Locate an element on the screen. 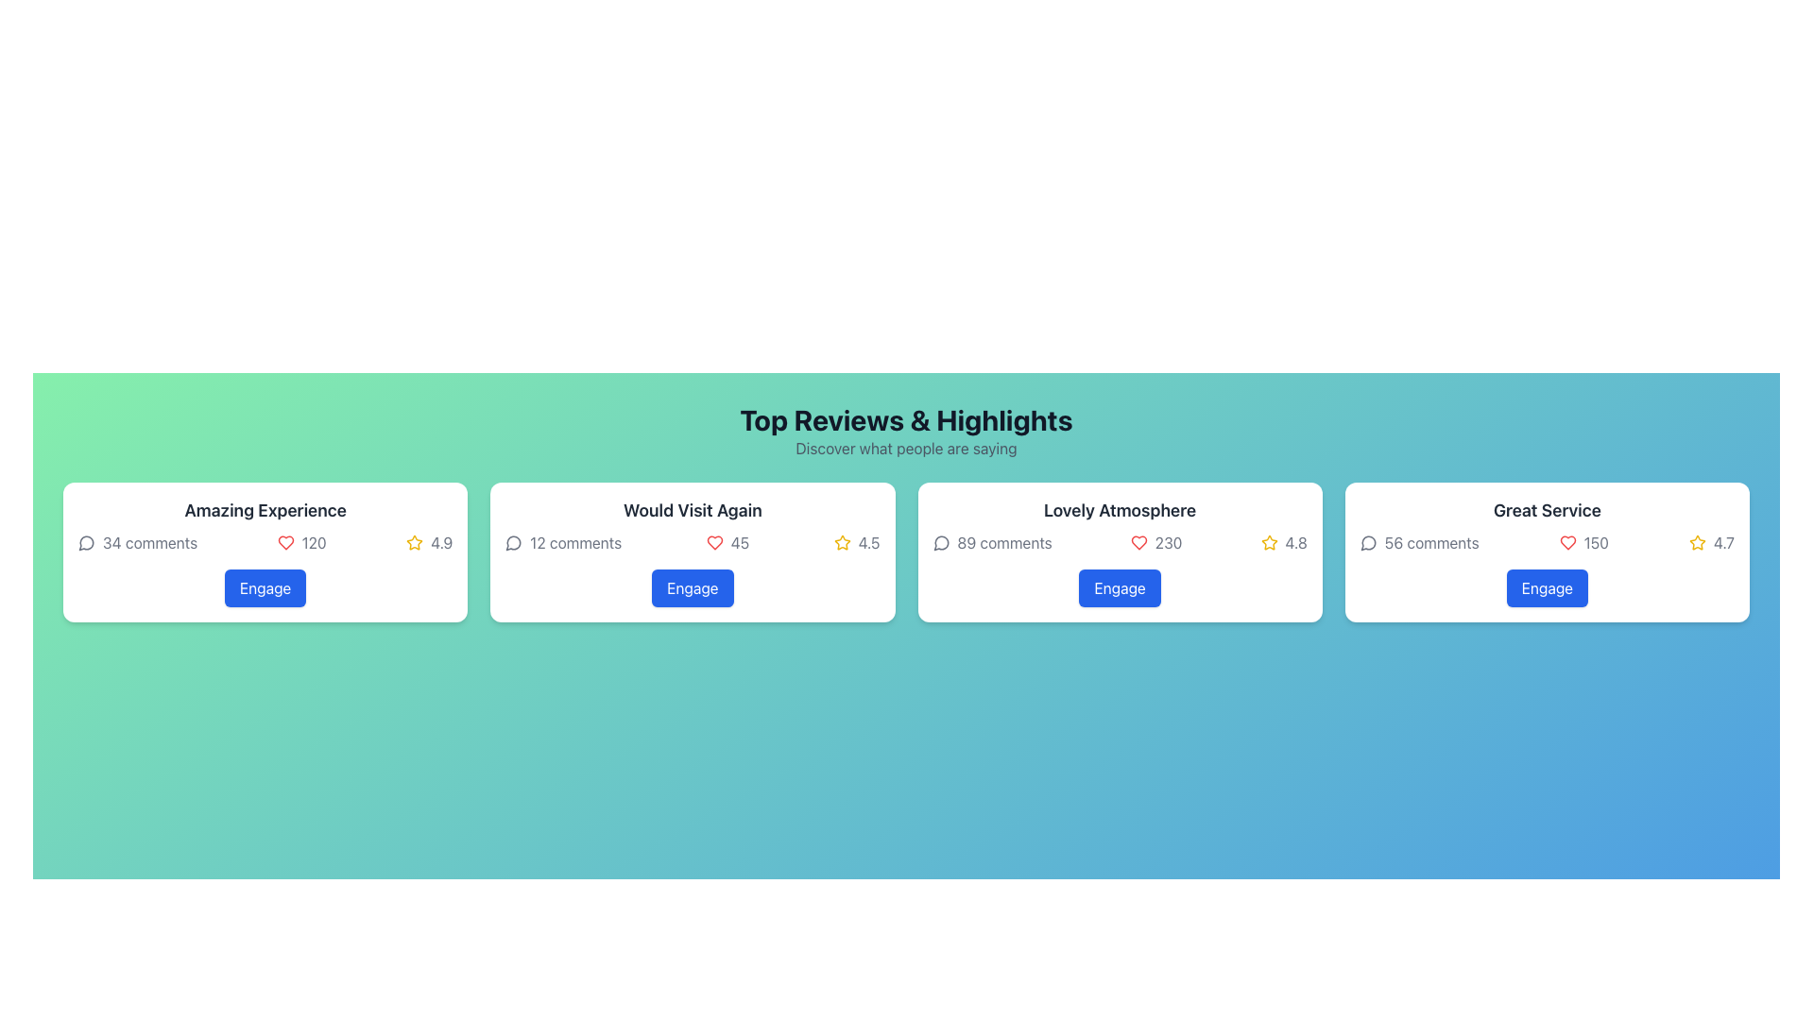 This screenshot has height=1020, width=1814. the numerical metric text located in the second card labeled 'Would Visit Again', situated to the right of the red heart icon is located at coordinates (739, 542).